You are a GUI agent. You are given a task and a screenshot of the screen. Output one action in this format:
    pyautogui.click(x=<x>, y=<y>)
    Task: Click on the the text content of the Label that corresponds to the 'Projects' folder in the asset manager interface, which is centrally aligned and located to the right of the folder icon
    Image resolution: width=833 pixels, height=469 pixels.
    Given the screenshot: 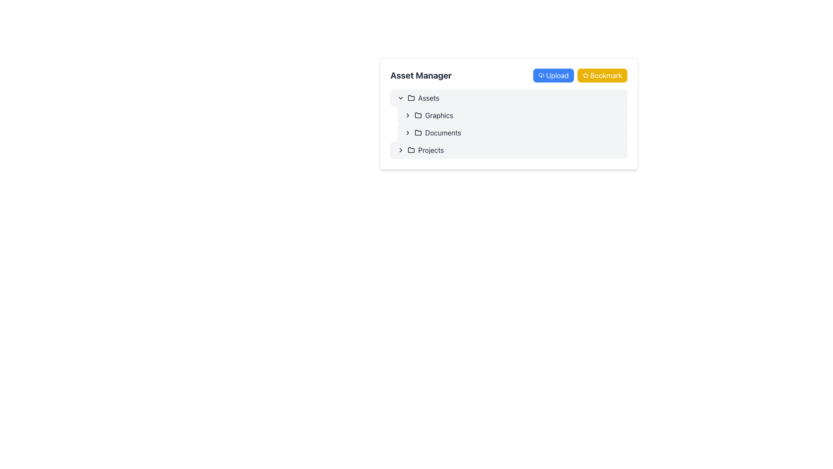 What is the action you would take?
    pyautogui.click(x=431, y=150)
    